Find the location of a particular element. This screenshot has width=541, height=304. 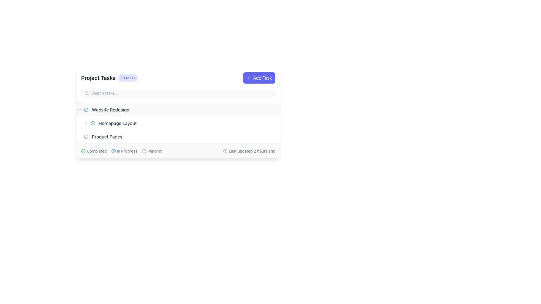

the ellipsis button located in the top-right corner of the task entry for user 'Emma Wilson' dated '2024-03-20' is located at coordinates (273, 137).